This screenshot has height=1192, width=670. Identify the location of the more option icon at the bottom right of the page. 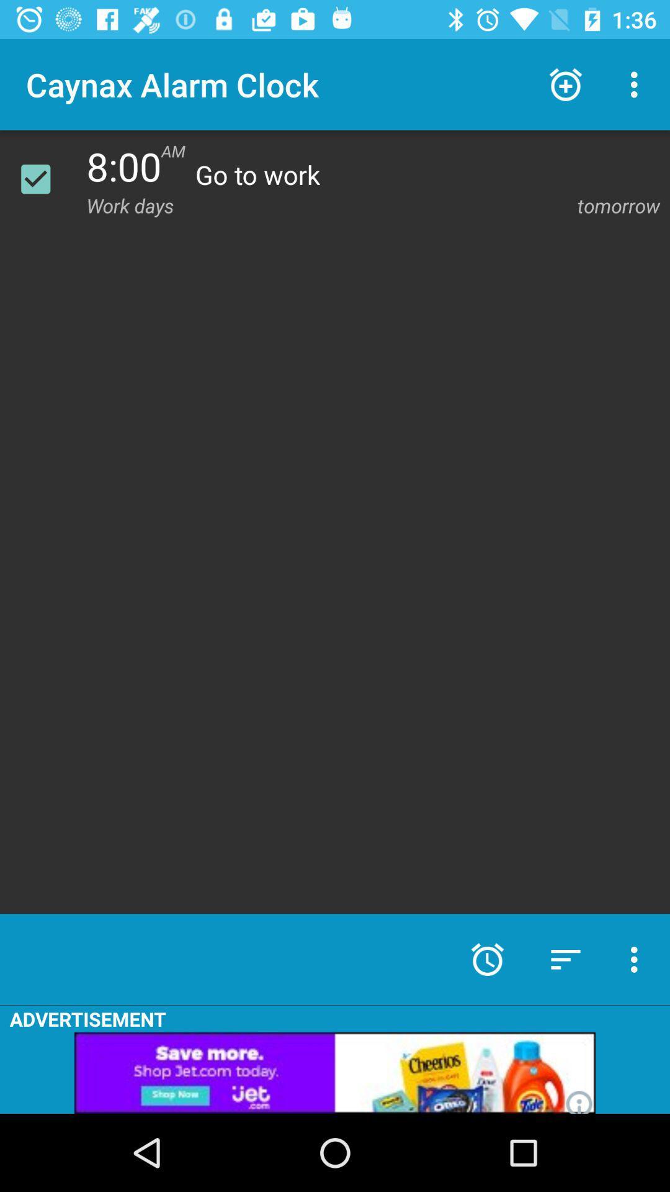
(637, 959).